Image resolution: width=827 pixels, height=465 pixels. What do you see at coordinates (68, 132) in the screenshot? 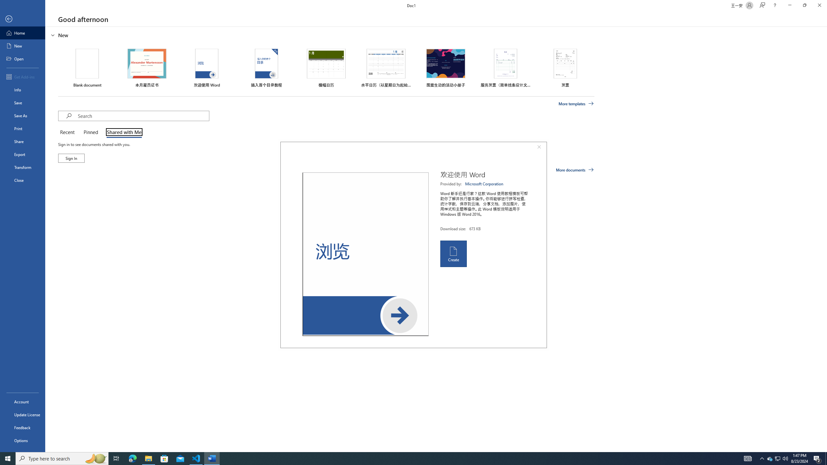
I see `'Recent'` at bounding box center [68, 132].